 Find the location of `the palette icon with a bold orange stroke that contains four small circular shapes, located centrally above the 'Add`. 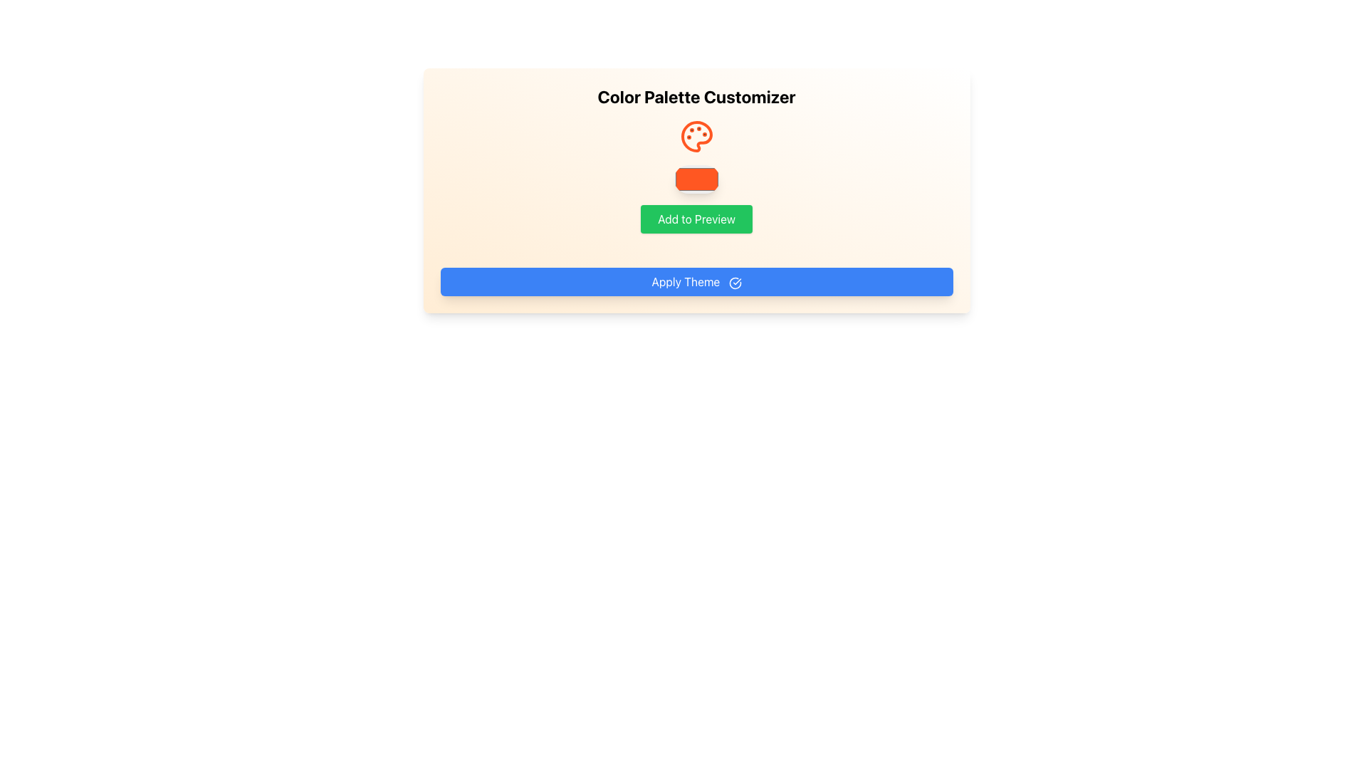

the palette icon with a bold orange stroke that contains four small circular shapes, located centrally above the 'Add is located at coordinates (696, 137).